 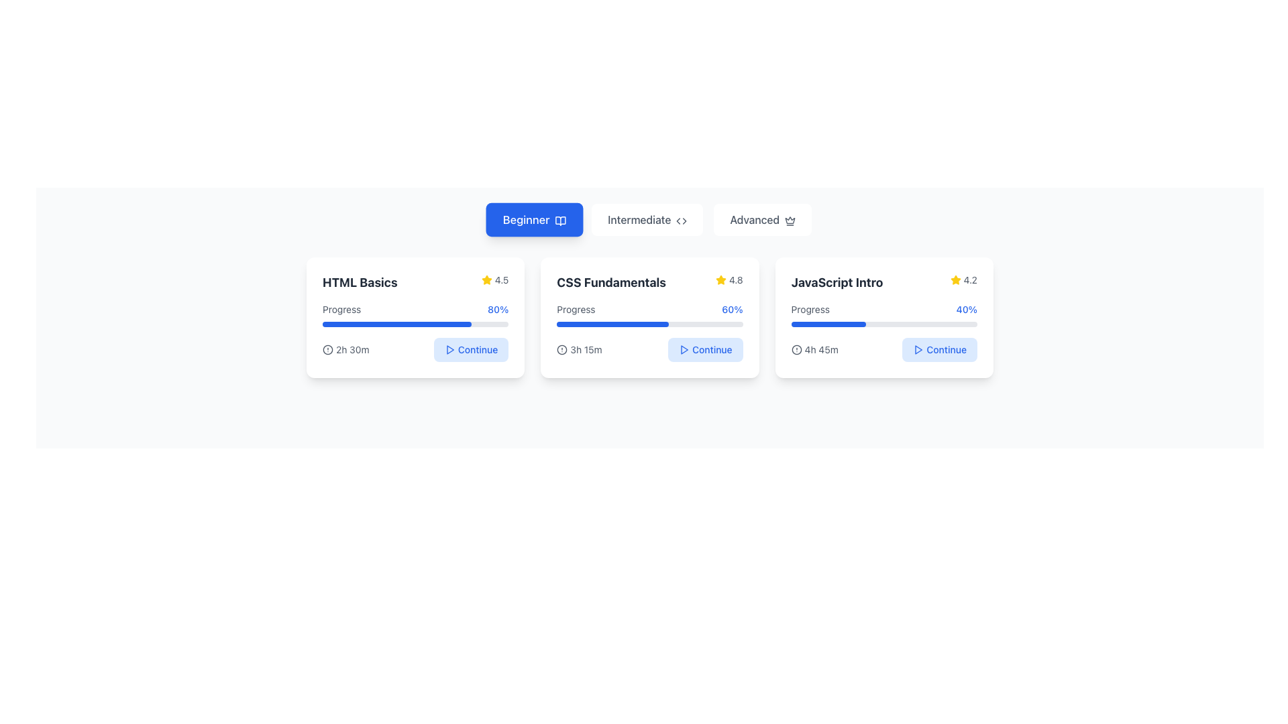 I want to click on text label indicating the module or topic name related to 'HTML Basics' located at the top-left corner of the card, so click(x=360, y=282).